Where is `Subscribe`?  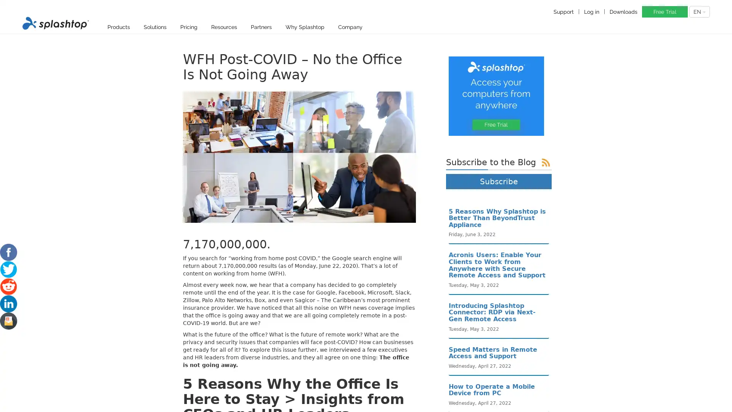 Subscribe is located at coordinates (499, 181).